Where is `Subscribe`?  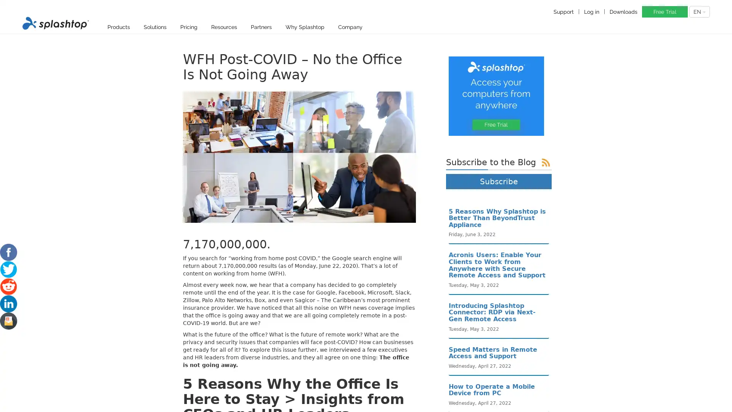 Subscribe is located at coordinates (499, 181).